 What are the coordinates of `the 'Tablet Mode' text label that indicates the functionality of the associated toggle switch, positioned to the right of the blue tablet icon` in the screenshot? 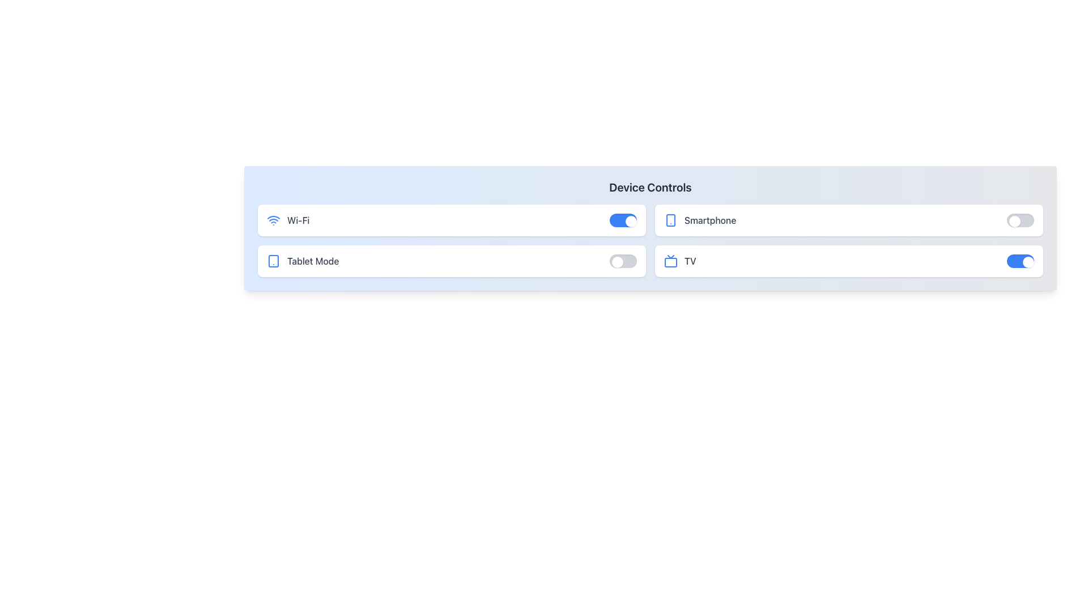 It's located at (313, 261).